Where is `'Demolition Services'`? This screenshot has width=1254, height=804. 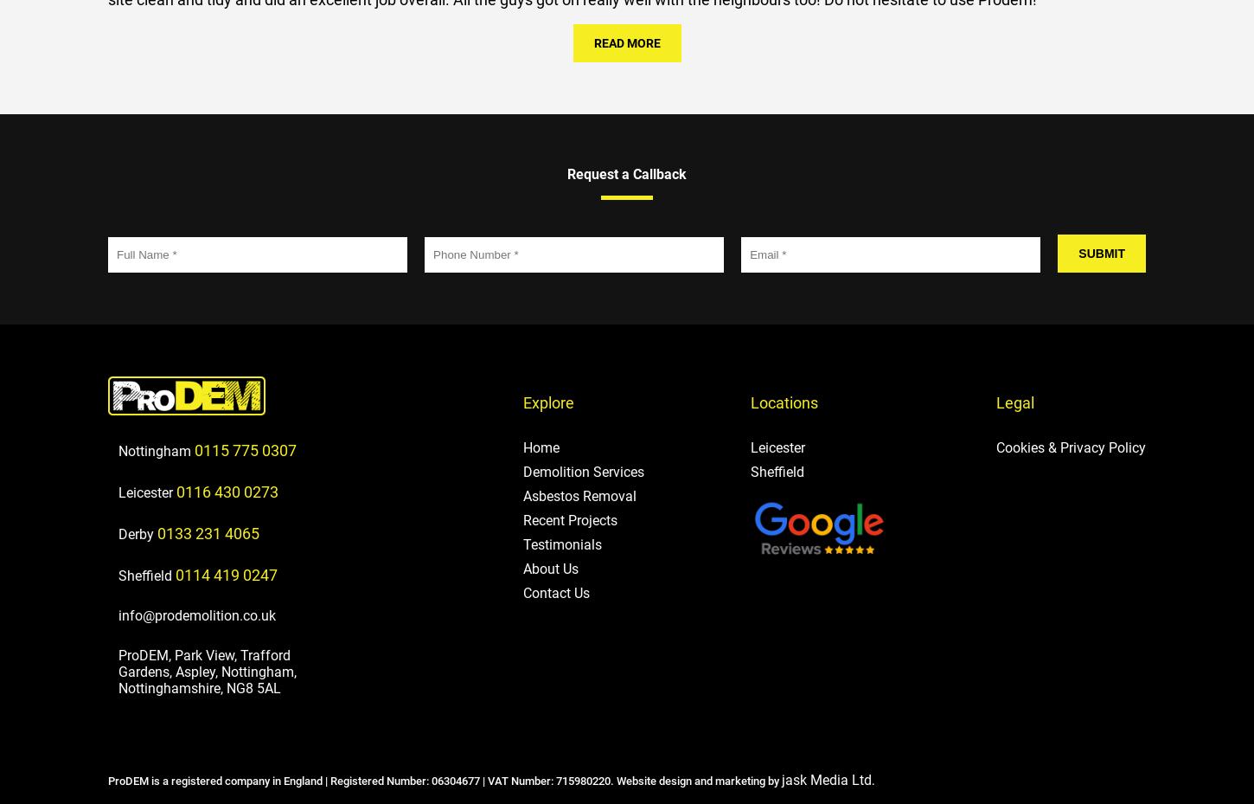
'Demolition Services' is located at coordinates (581, 471).